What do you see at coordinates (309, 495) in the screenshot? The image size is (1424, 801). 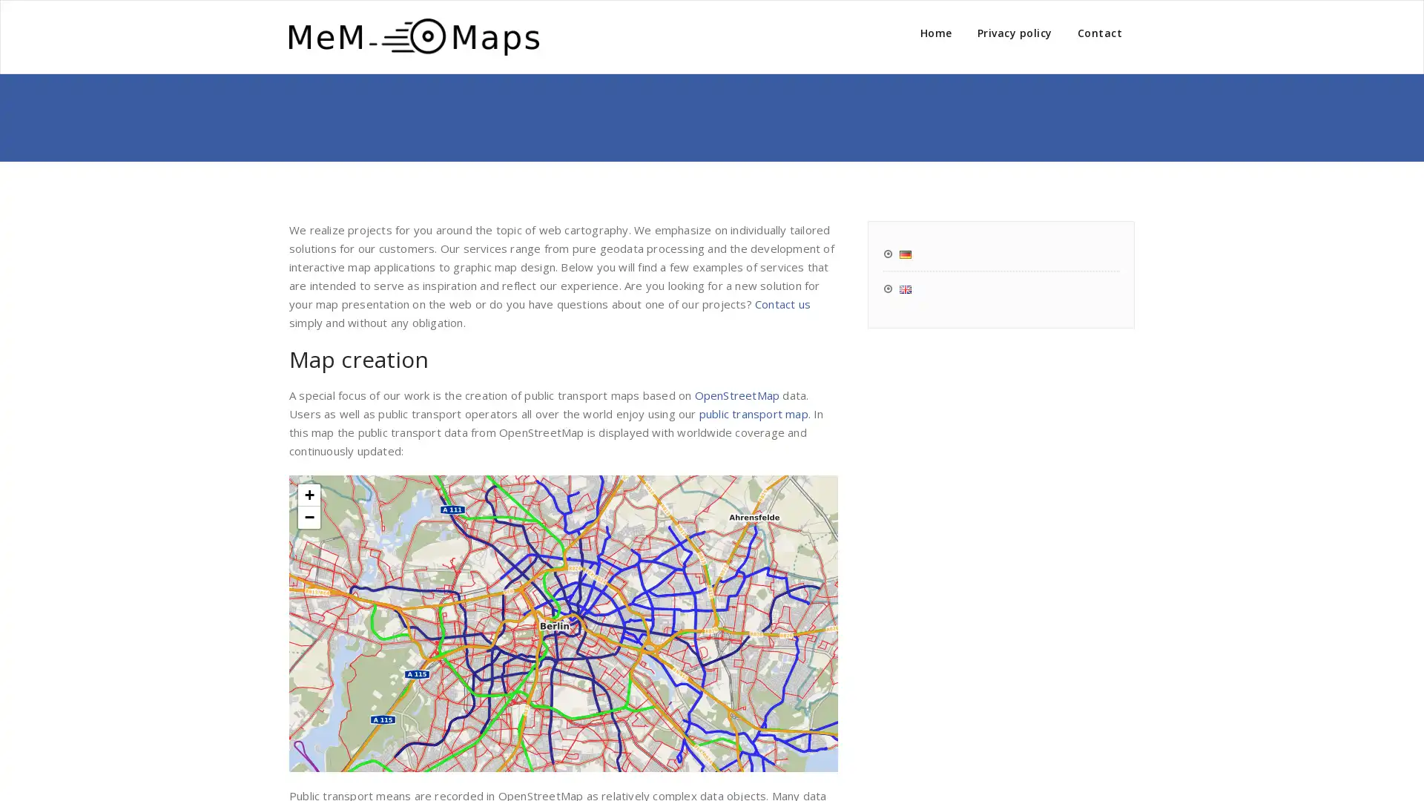 I see `Zoom in` at bounding box center [309, 495].